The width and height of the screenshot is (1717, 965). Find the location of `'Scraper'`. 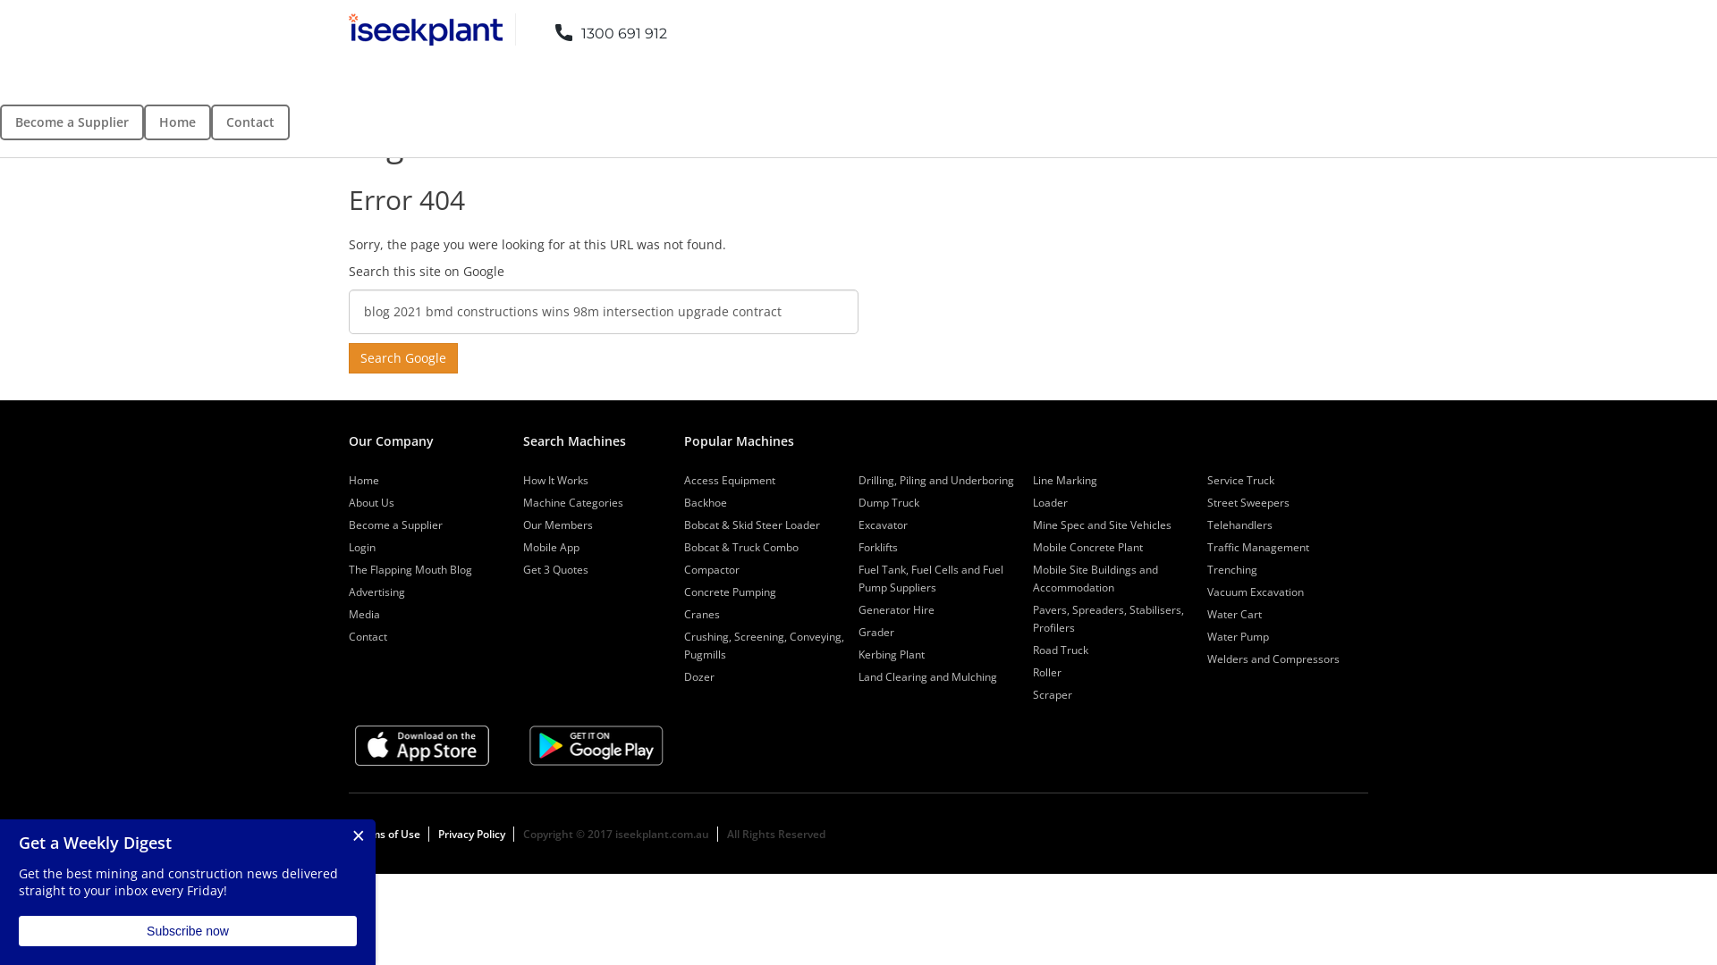

'Scraper' is located at coordinates (1052, 693).